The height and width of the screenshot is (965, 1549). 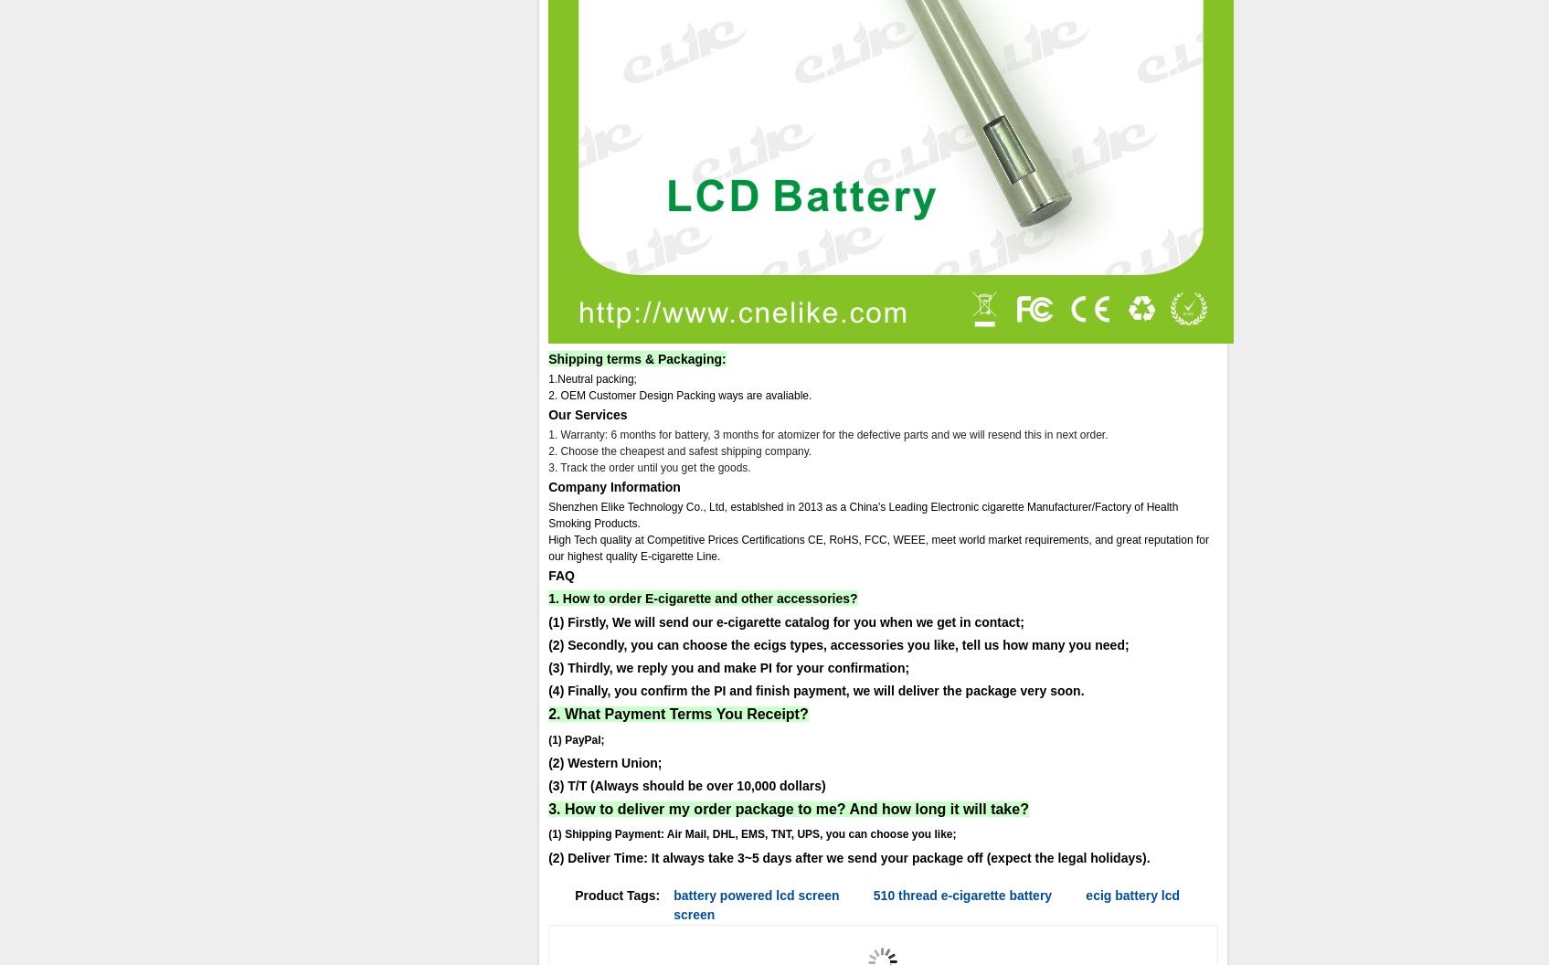 I want to click on '1. How to order E-cigarette and other accessories?', so click(x=702, y=598).